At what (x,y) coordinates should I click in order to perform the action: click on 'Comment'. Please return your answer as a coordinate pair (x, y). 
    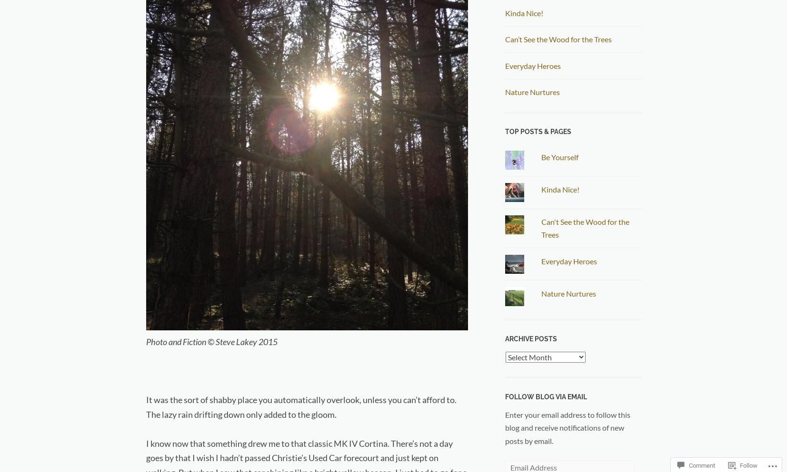
    Looking at the image, I should click on (702, 465).